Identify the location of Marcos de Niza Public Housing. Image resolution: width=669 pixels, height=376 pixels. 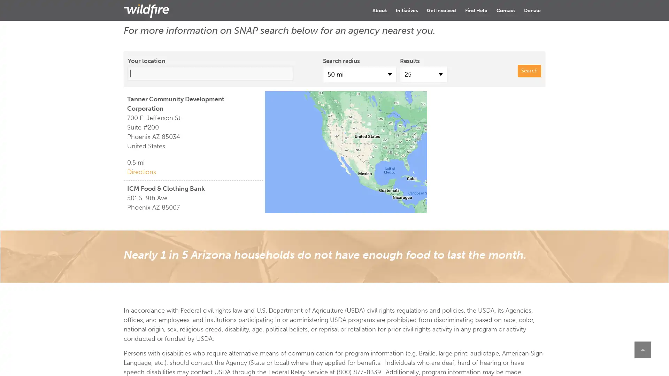
(401, 152).